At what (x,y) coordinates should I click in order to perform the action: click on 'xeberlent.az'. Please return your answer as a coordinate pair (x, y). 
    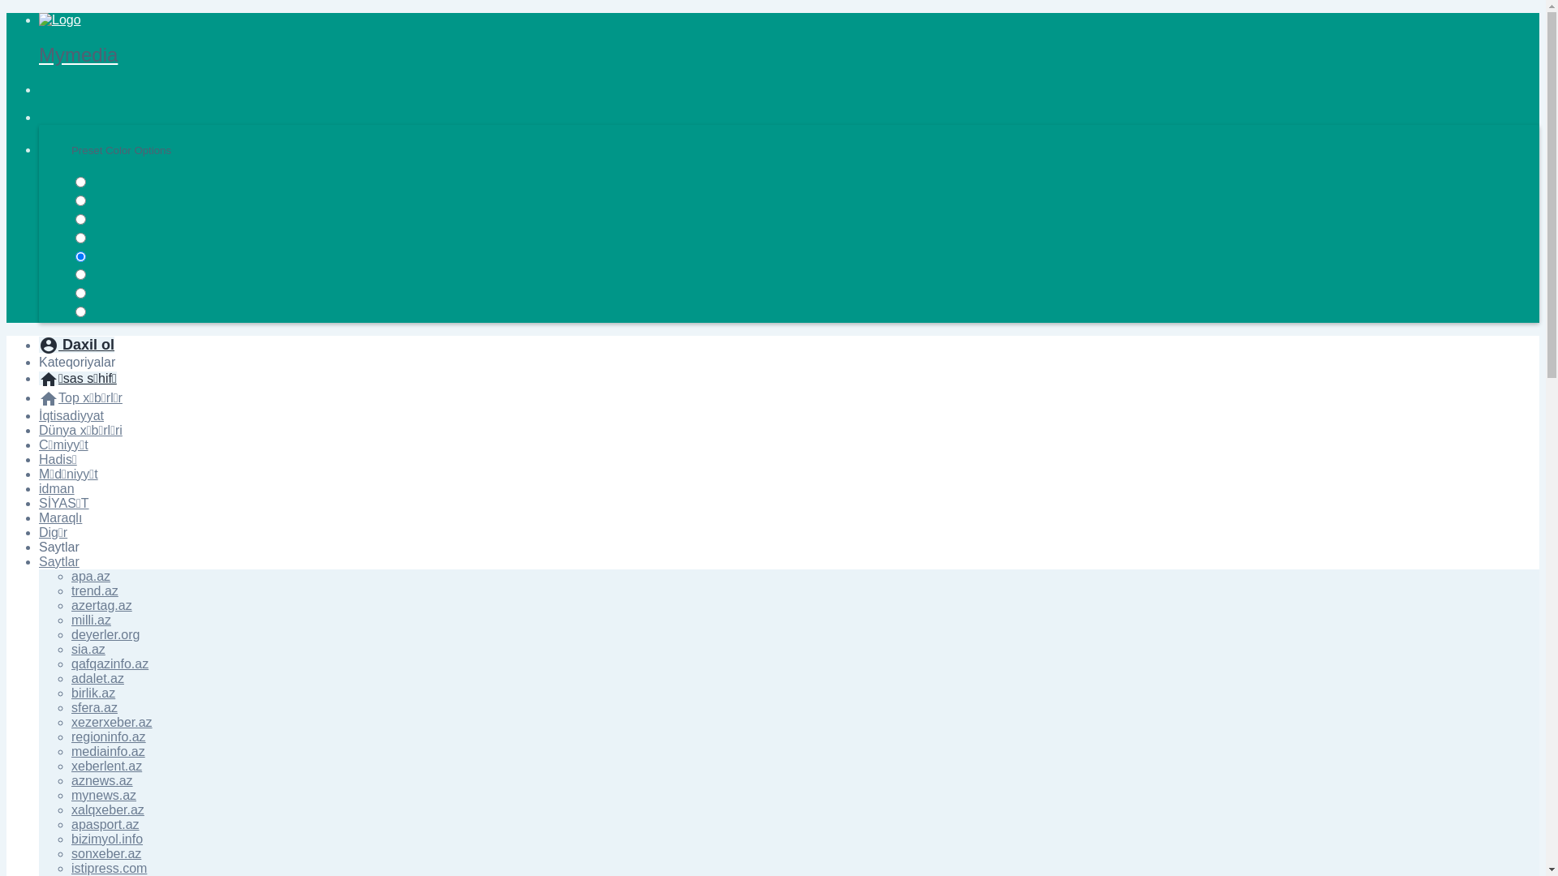
    Looking at the image, I should click on (70, 766).